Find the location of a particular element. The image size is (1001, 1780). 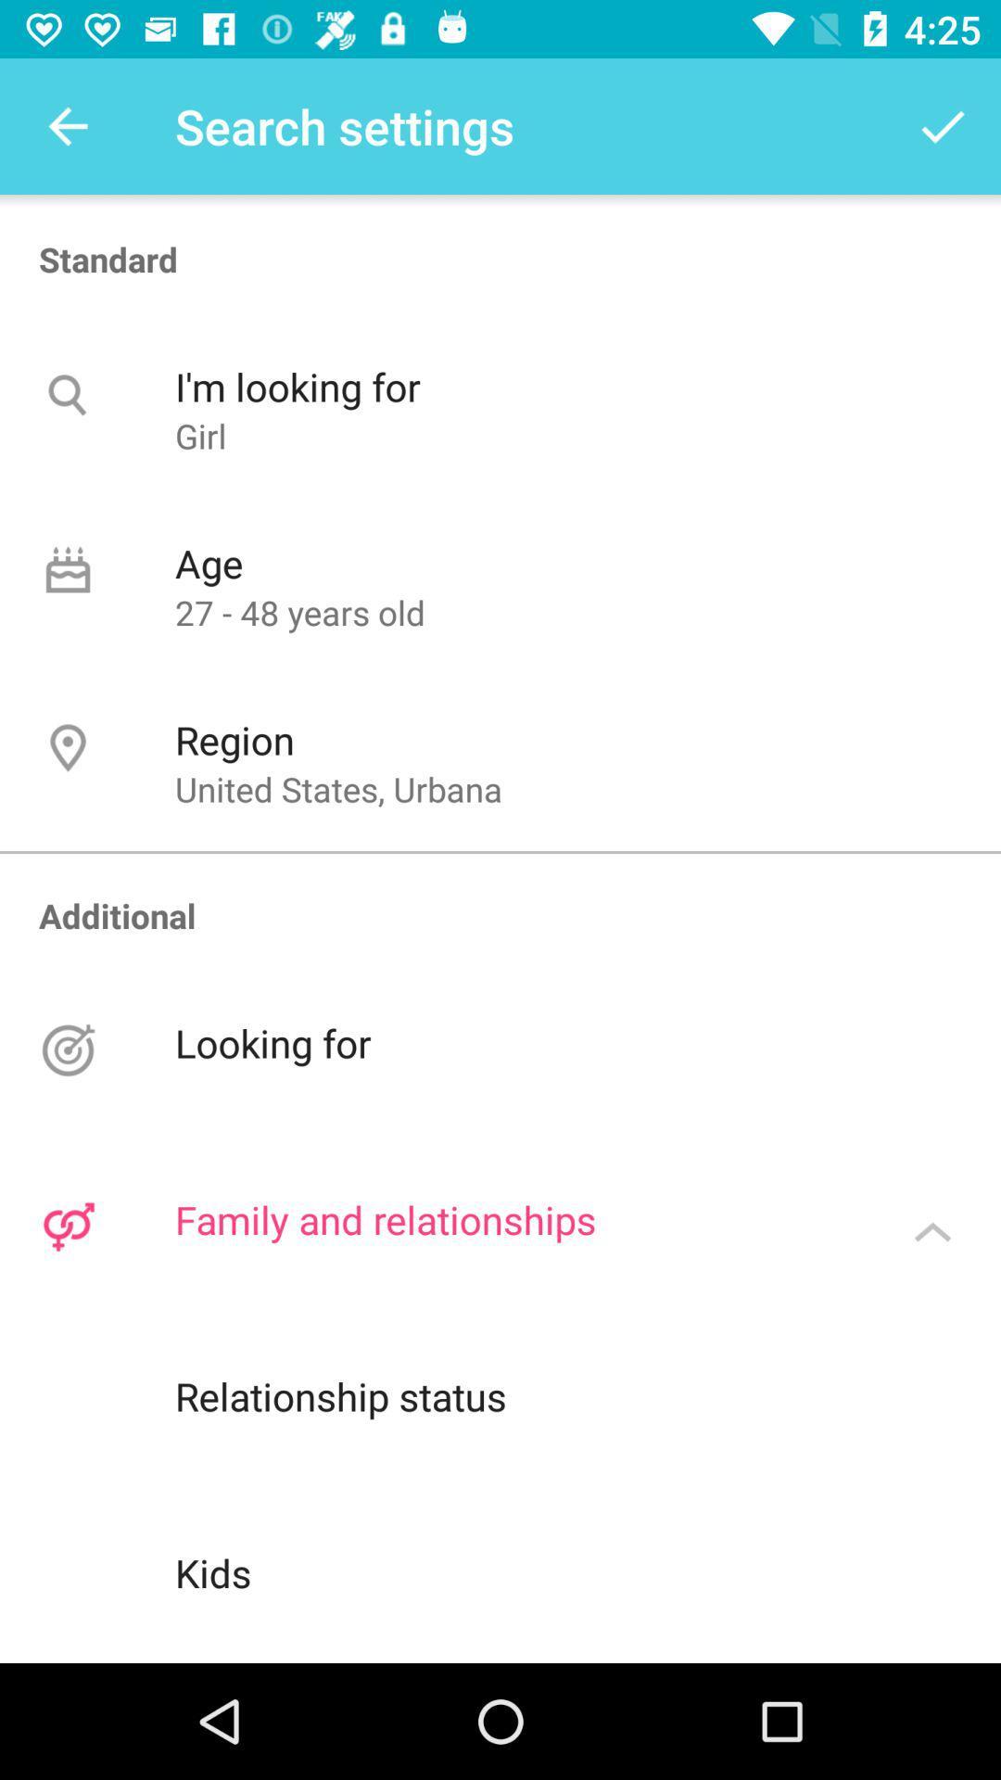

the app next to search settings icon is located at coordinates (943, 125).